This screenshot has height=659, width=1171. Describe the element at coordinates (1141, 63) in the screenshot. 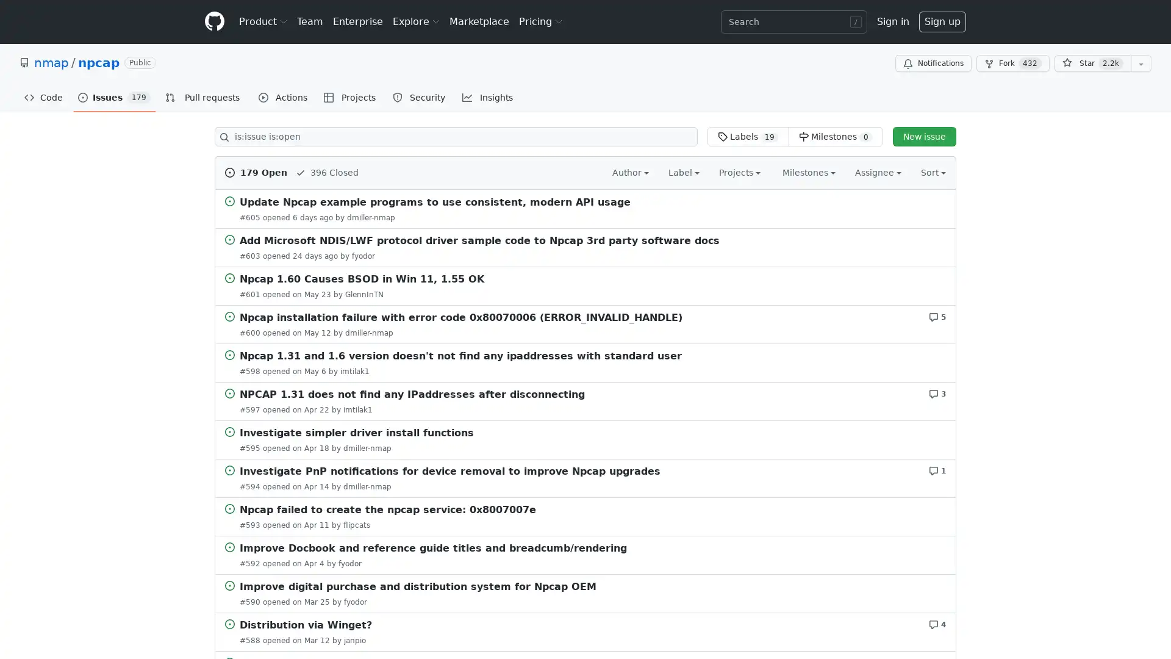

I see `You must be signed in to add this repository to a list` at that location.